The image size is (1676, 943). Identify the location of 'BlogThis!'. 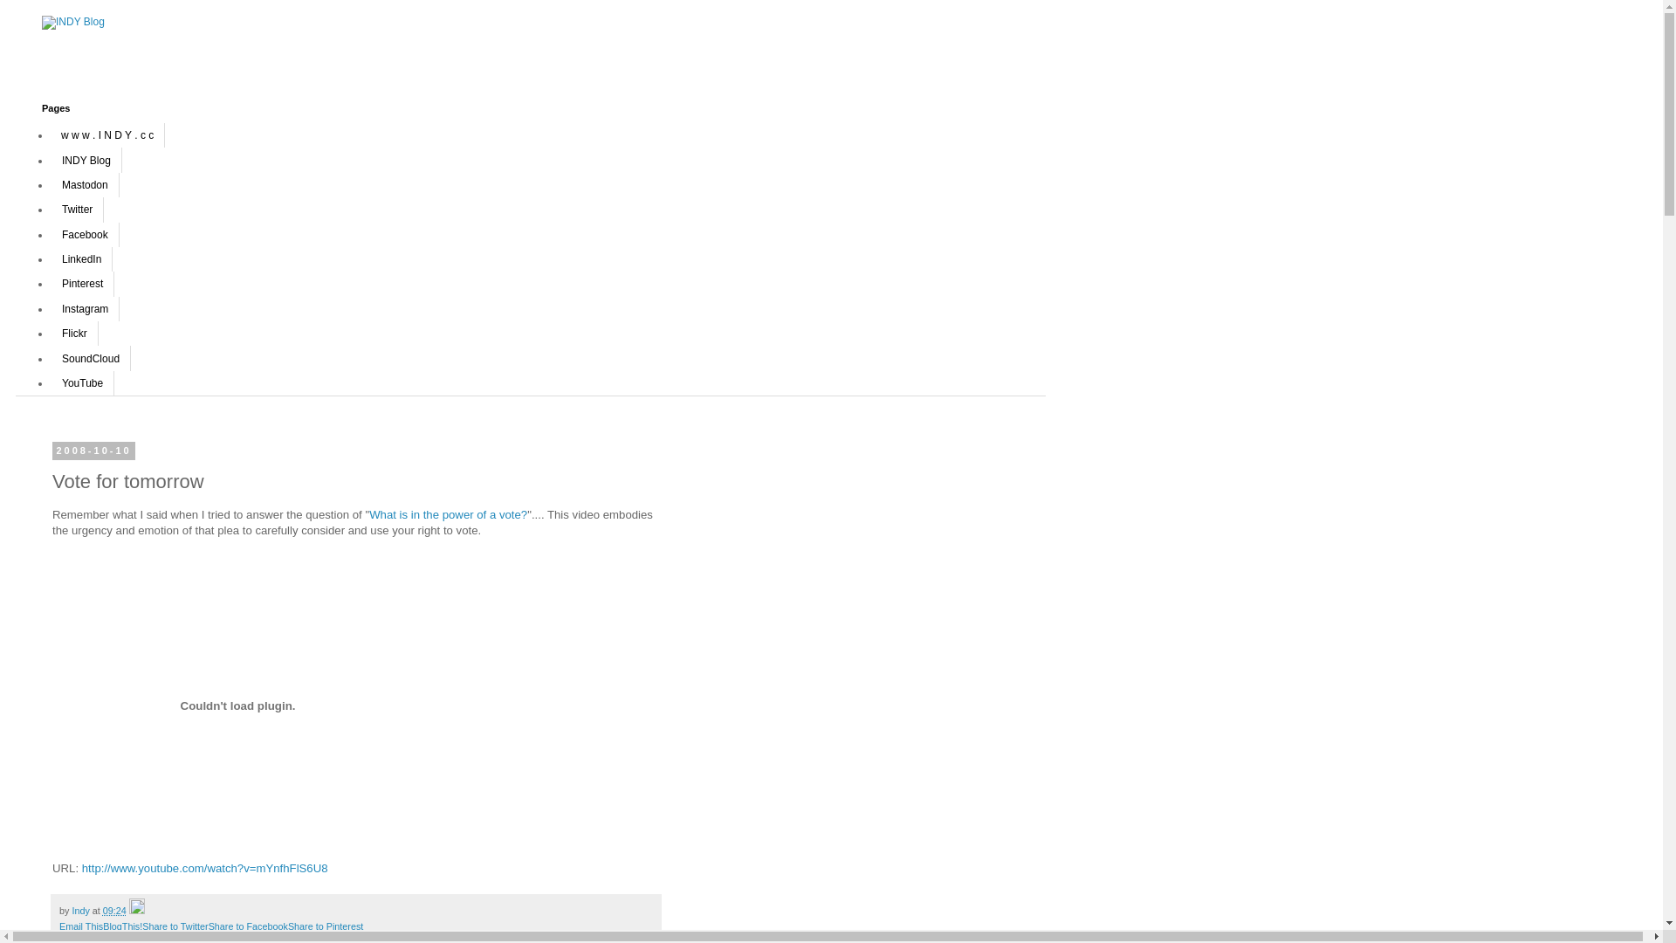
(121, 925).